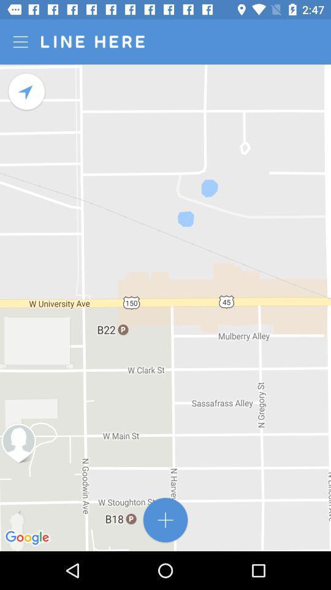 This screenshot has height=590, width=331. What do you see at coordinates (27, 91) in the screenshot?
I see `find location` at bounding box center [27, 91].